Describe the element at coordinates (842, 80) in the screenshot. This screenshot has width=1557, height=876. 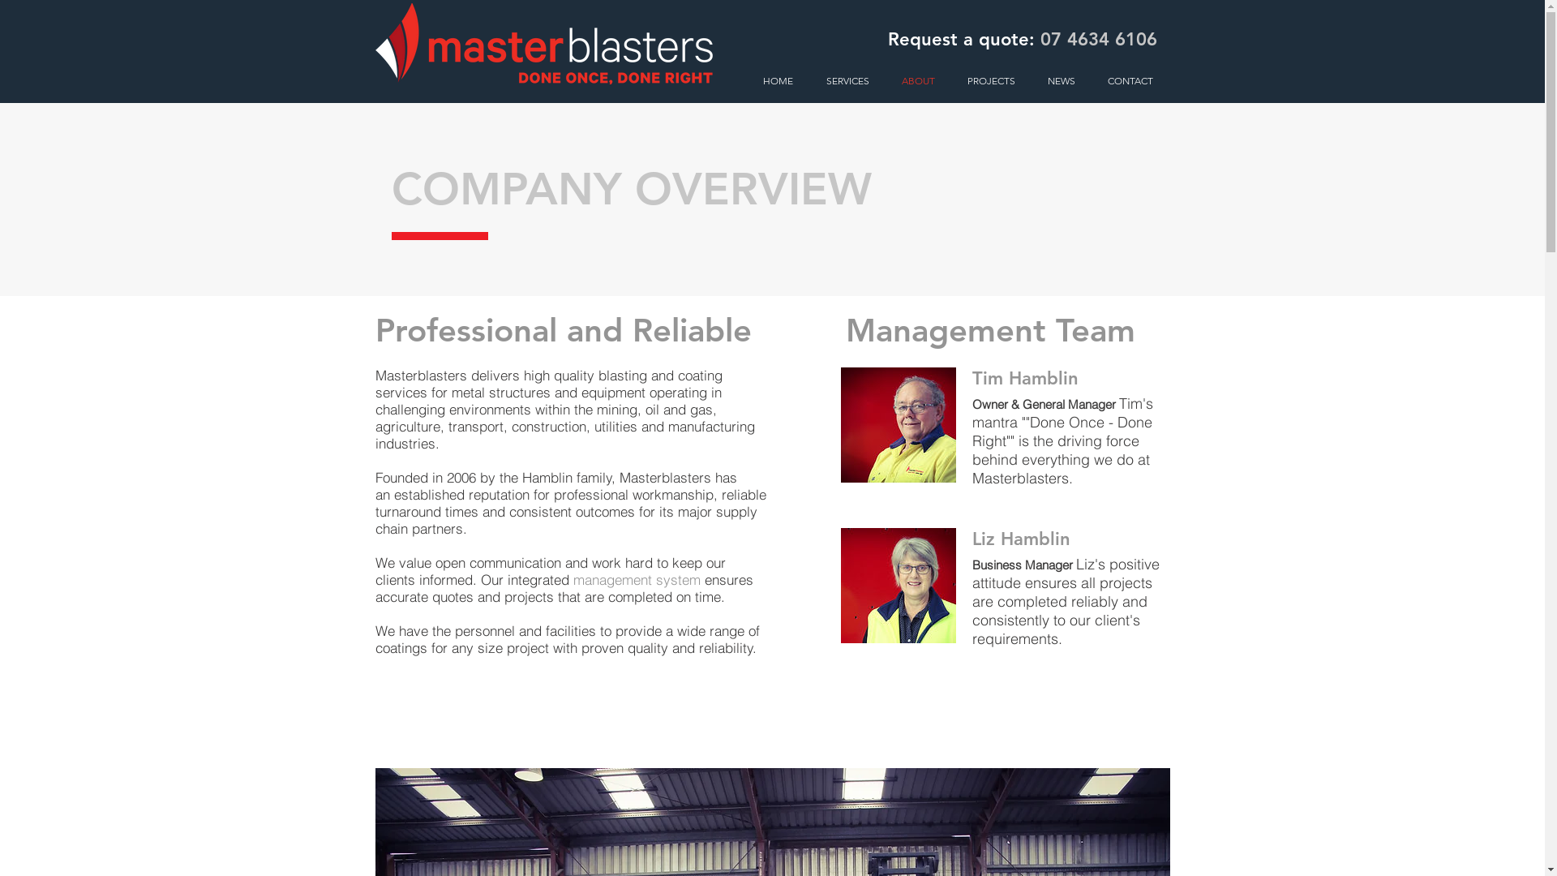
I see `'SERVICES'` at that location.